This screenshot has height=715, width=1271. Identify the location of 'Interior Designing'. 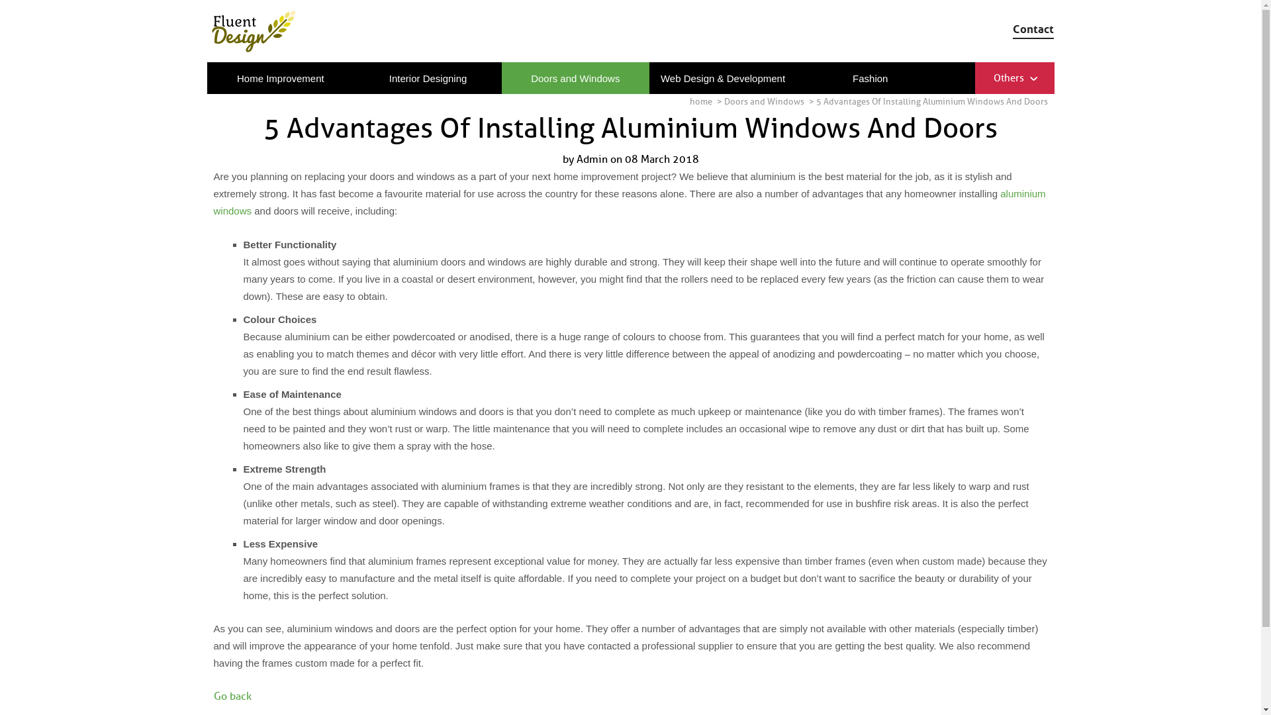
(428, 78).